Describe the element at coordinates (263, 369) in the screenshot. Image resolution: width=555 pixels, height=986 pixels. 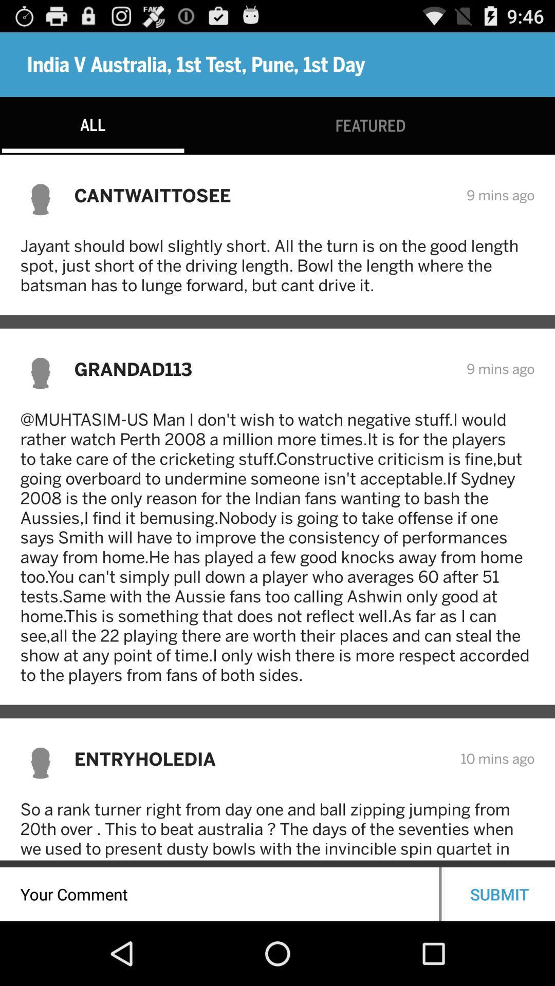
I see `the icon next to 9 mins ago` at that location.